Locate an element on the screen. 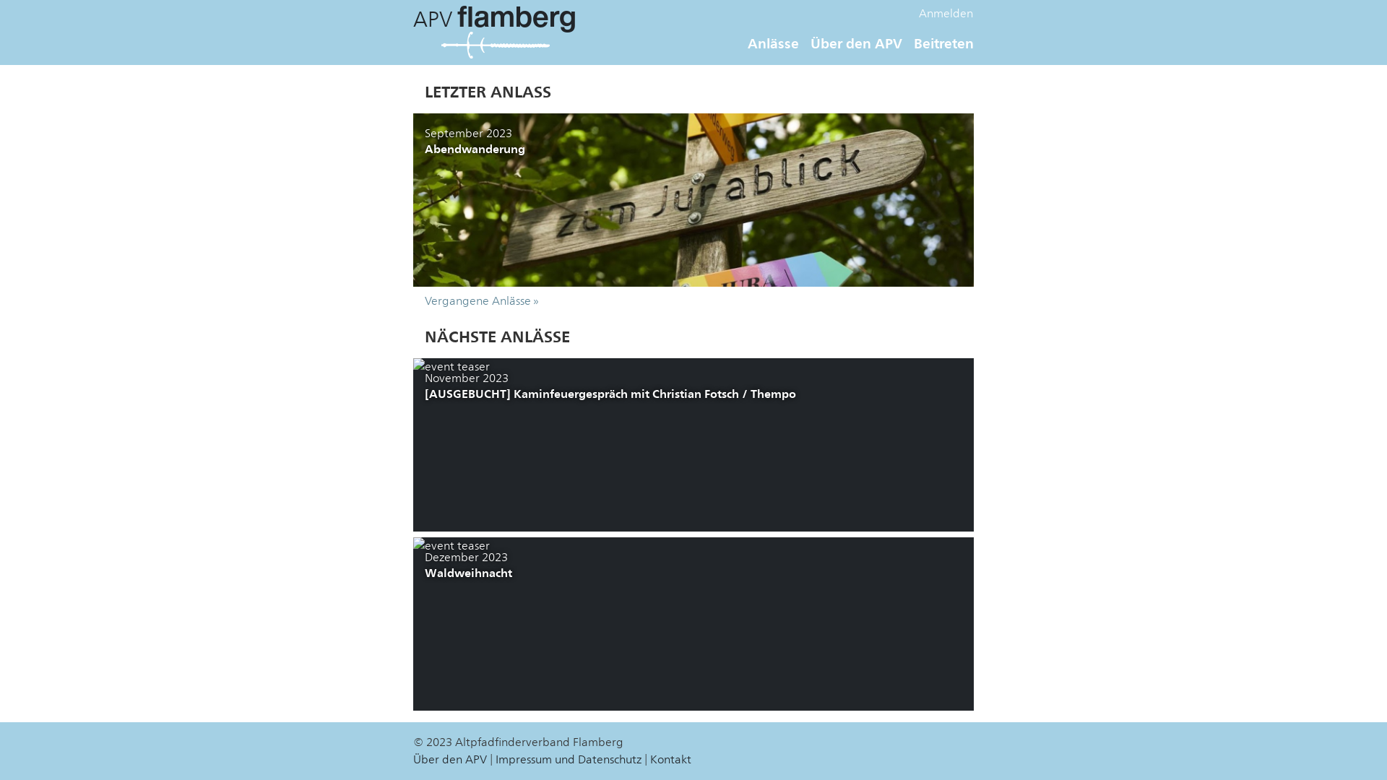 The width and height of the screenshot is (1387, 780). 'Impressum und Datenschutz' is located at coordinates (568, 759).